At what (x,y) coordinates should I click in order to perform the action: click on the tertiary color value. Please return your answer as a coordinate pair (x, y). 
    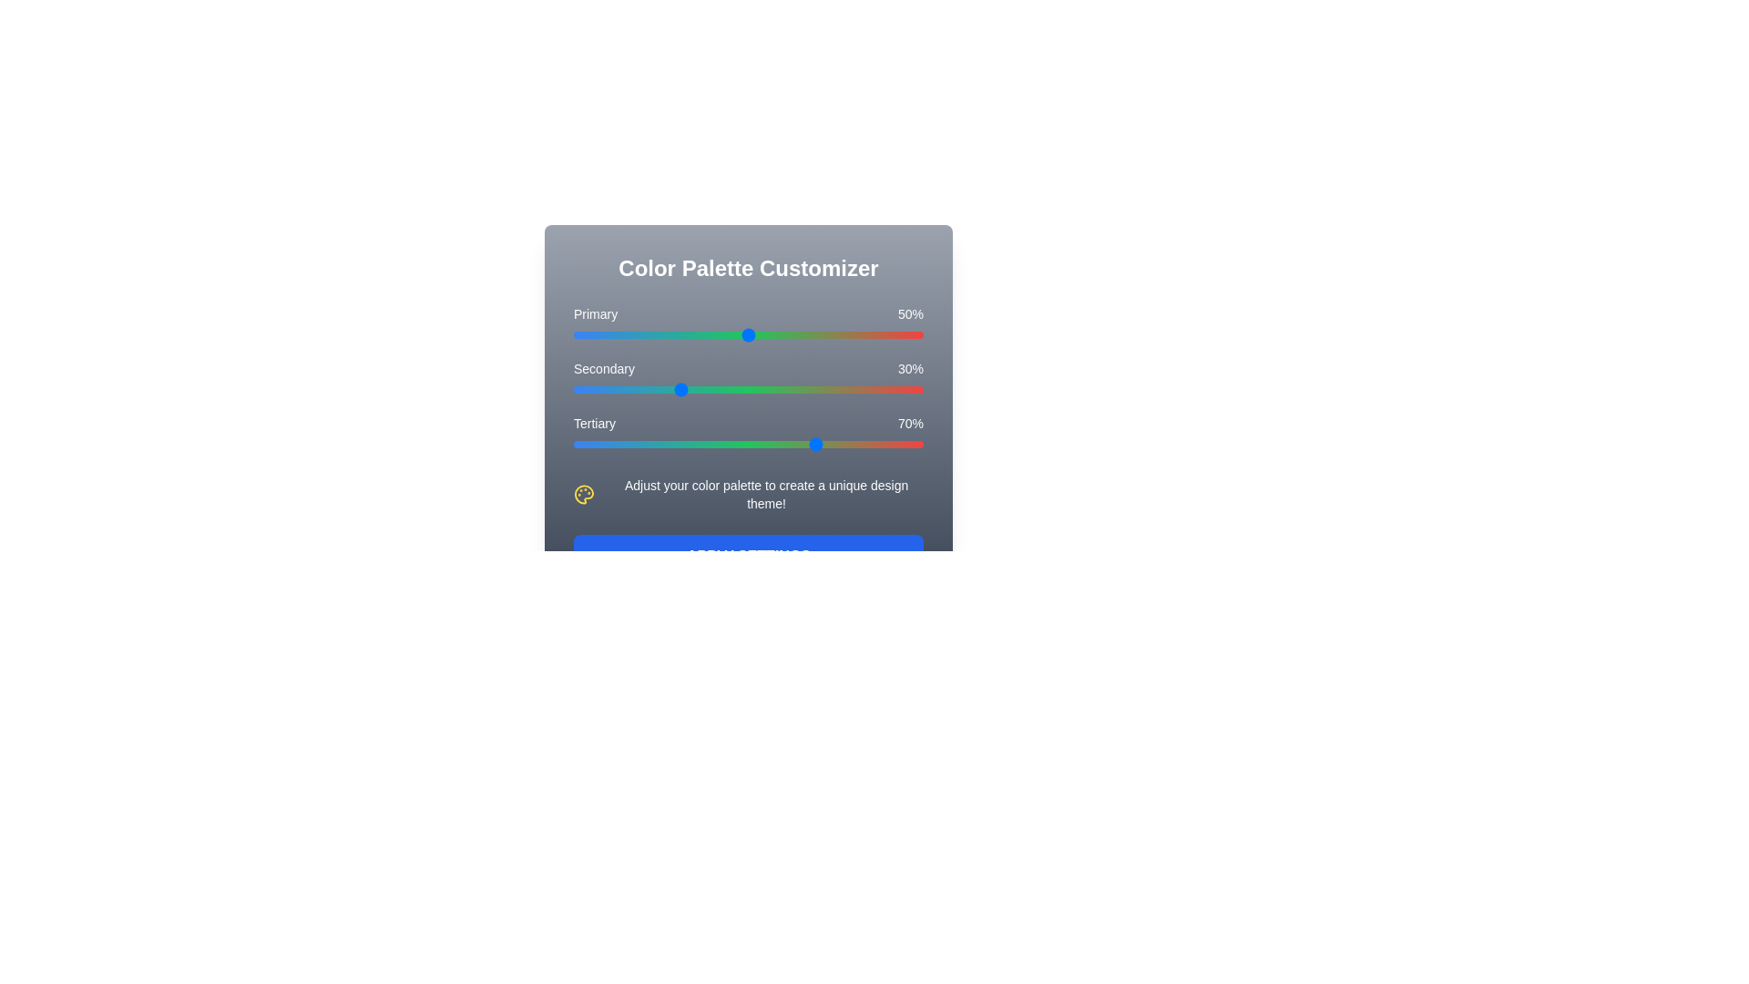
    Looking at the image, I should click on (702, 445).